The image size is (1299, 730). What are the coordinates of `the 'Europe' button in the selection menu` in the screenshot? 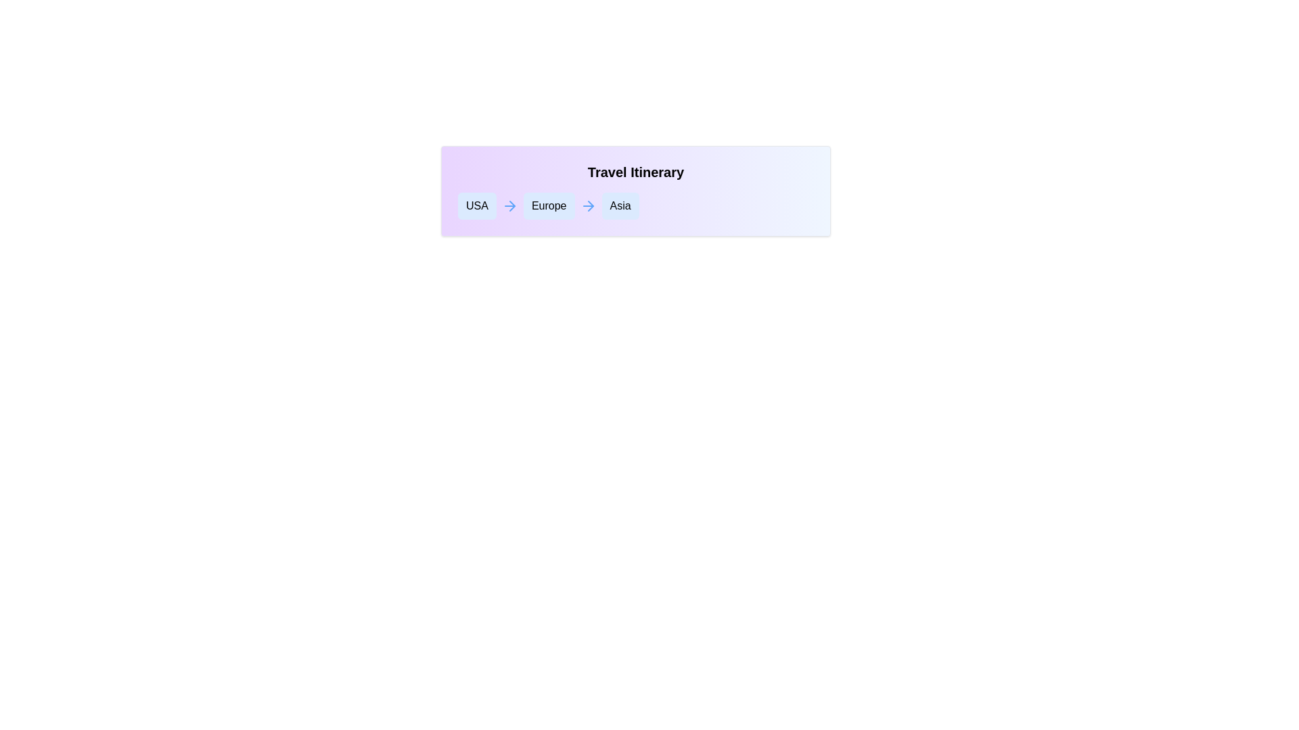 It's located at (549, 205).